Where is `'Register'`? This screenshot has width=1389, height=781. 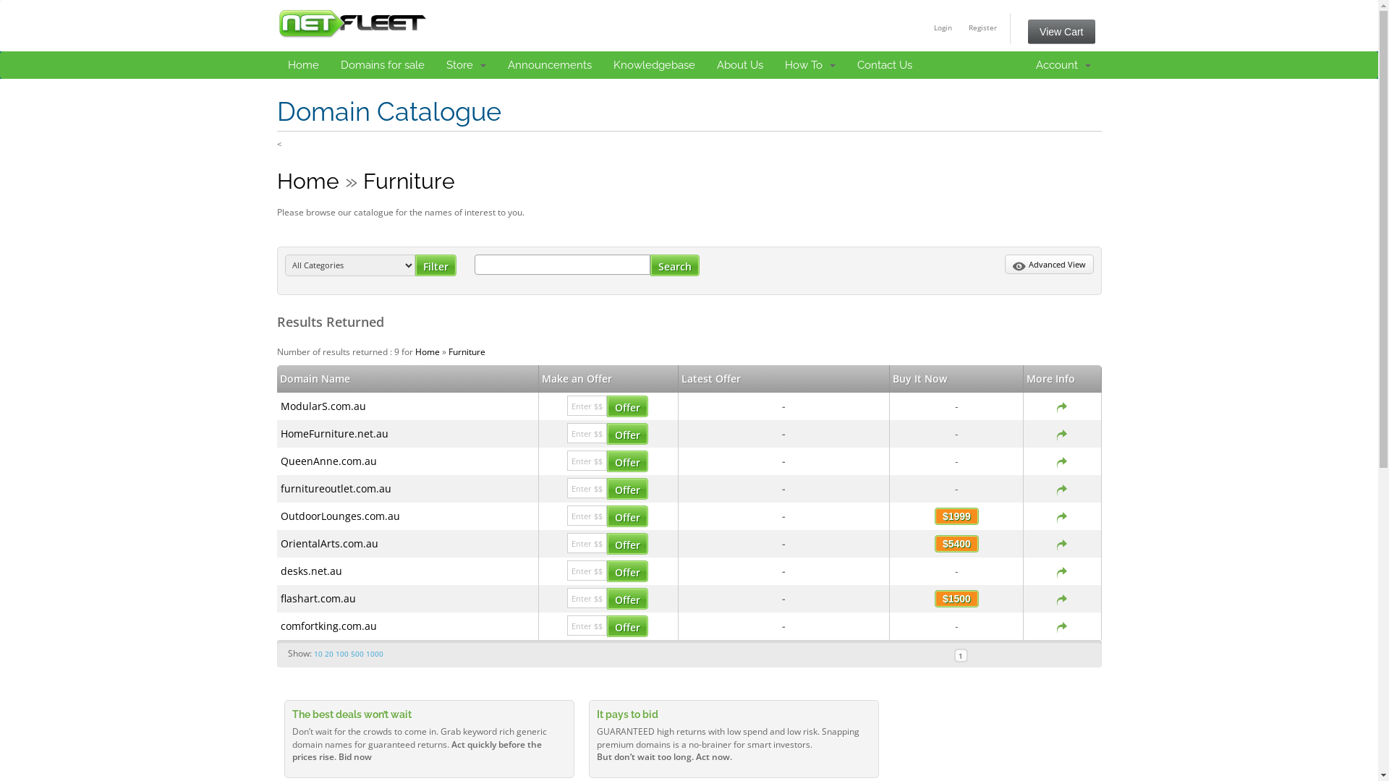
'Register' is located at coordinates (982, 27).